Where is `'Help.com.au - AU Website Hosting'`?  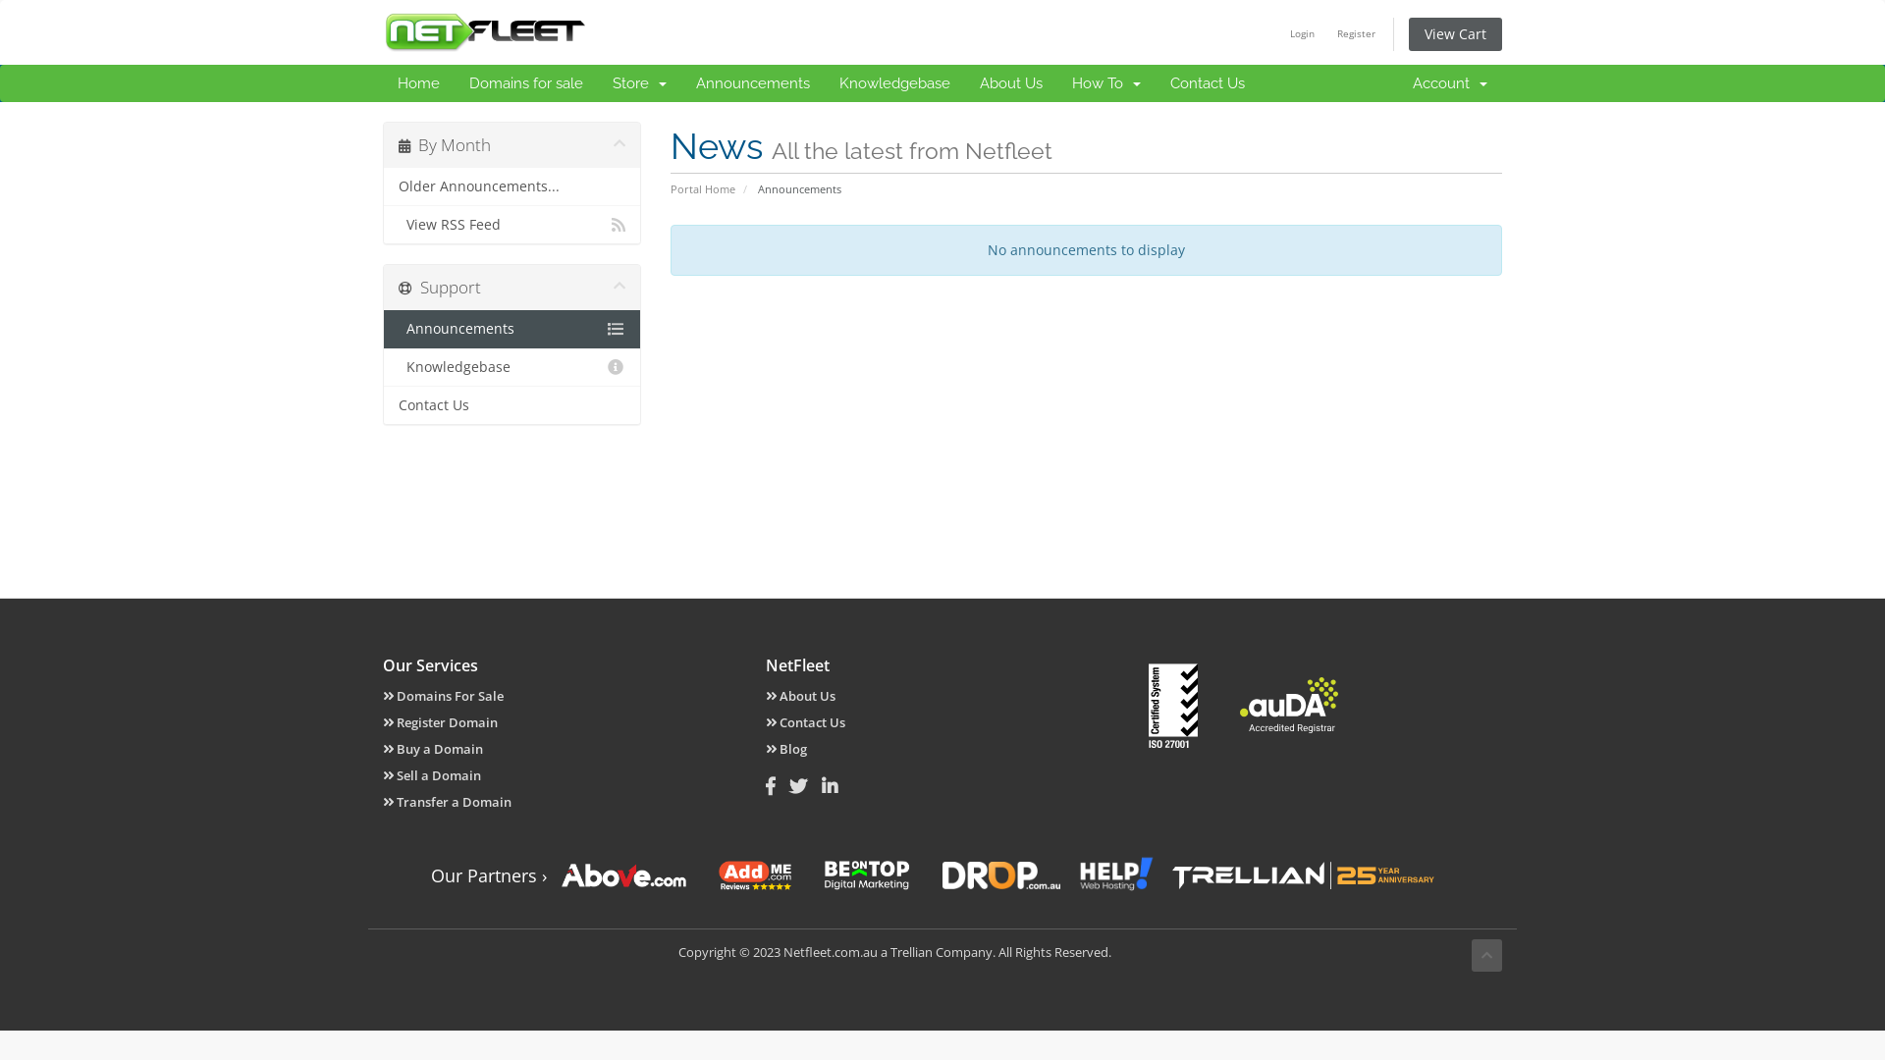 'Help.com.au - AU Website Hosting' is located at coordinates (1077, 874).